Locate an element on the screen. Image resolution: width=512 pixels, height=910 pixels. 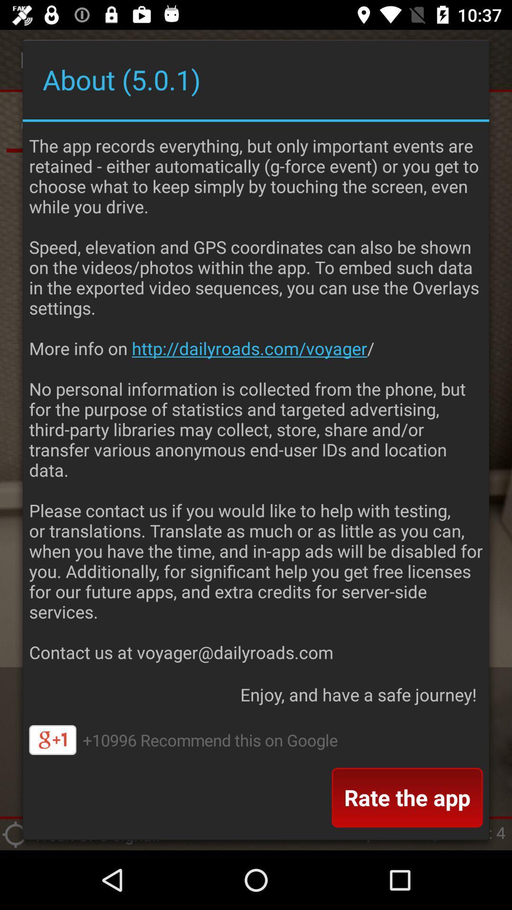
the dailyroads voyager allows item is located at coordinates (256, 396).